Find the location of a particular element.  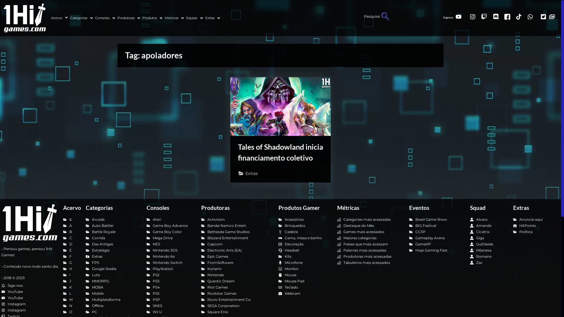

'SEGA Corporation' is located at coordinates (237, 305).